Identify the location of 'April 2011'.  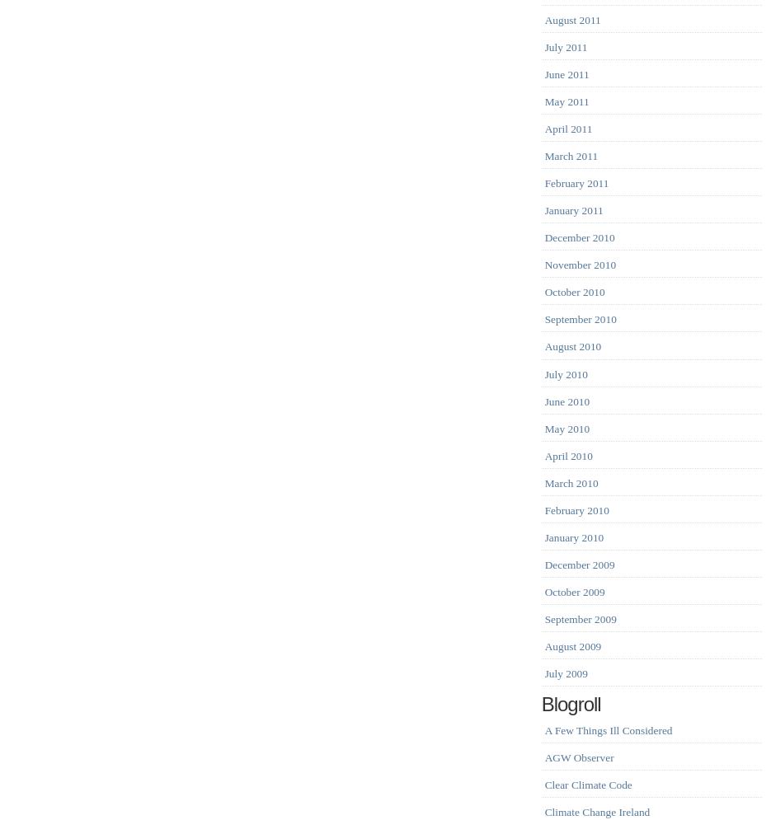
(567, 128).